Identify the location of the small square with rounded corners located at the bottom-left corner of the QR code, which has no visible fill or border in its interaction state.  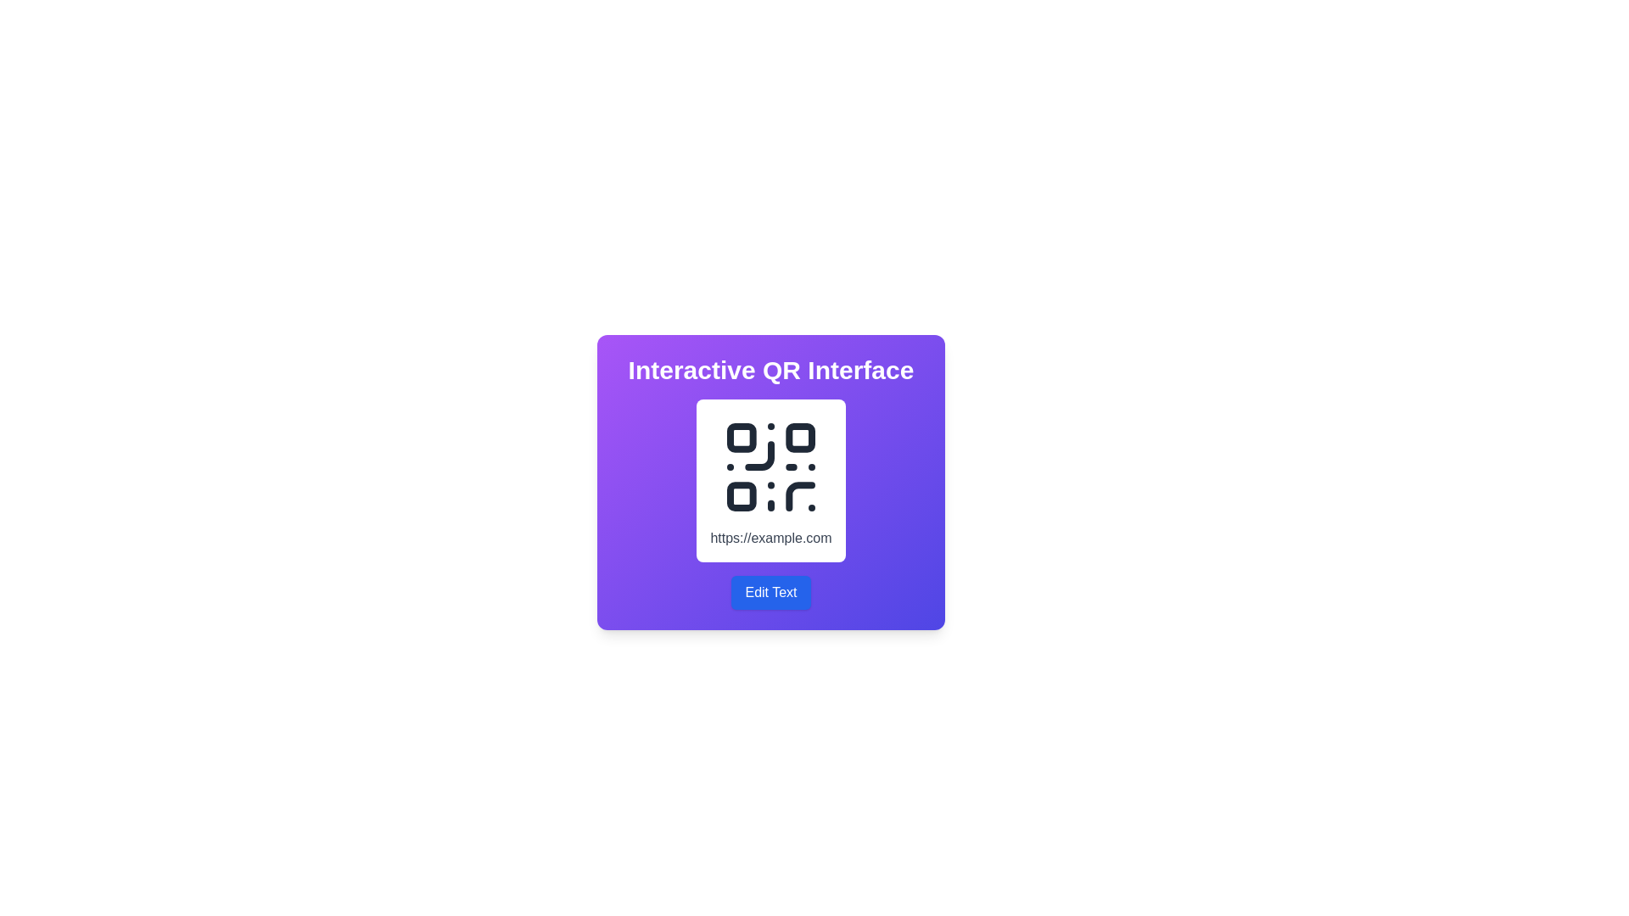
(742, 496).